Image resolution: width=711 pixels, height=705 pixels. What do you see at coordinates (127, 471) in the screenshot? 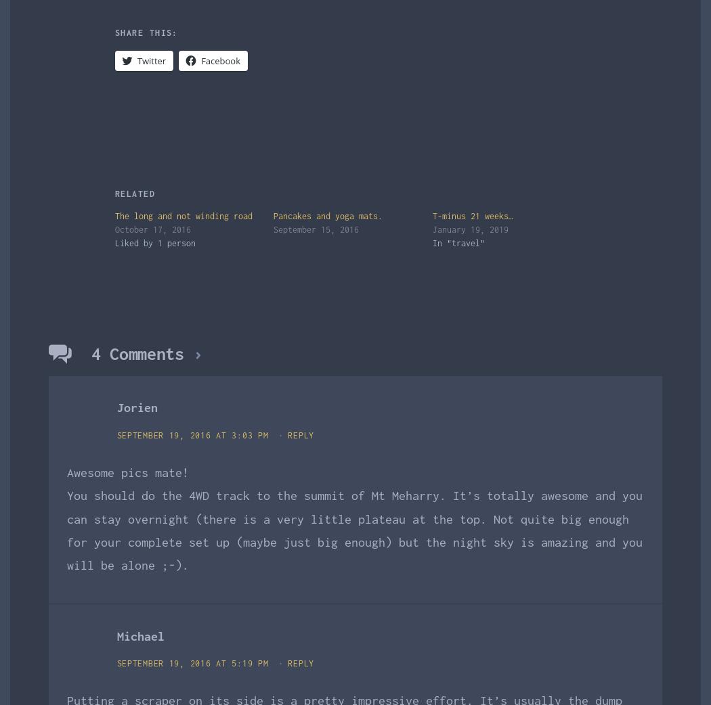
I see `'Awesome pics mate!'` at bounding box center [127, 471].